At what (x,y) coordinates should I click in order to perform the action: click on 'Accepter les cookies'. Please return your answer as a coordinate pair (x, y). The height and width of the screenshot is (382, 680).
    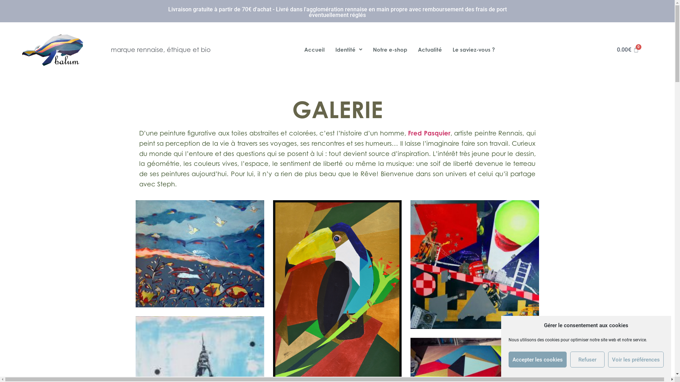
    Looking at the image, I should click on (537, 359).